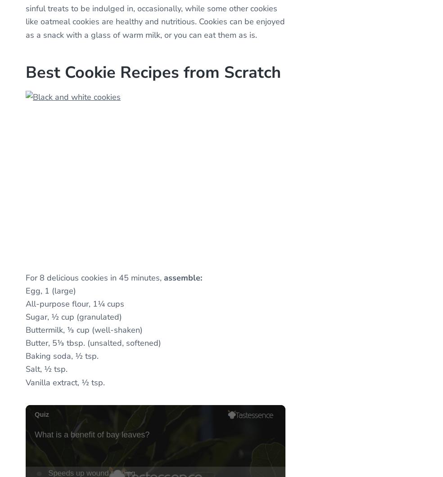  I want to click on 'All-purpose flour, 1¼ cups', so click(25, 303).